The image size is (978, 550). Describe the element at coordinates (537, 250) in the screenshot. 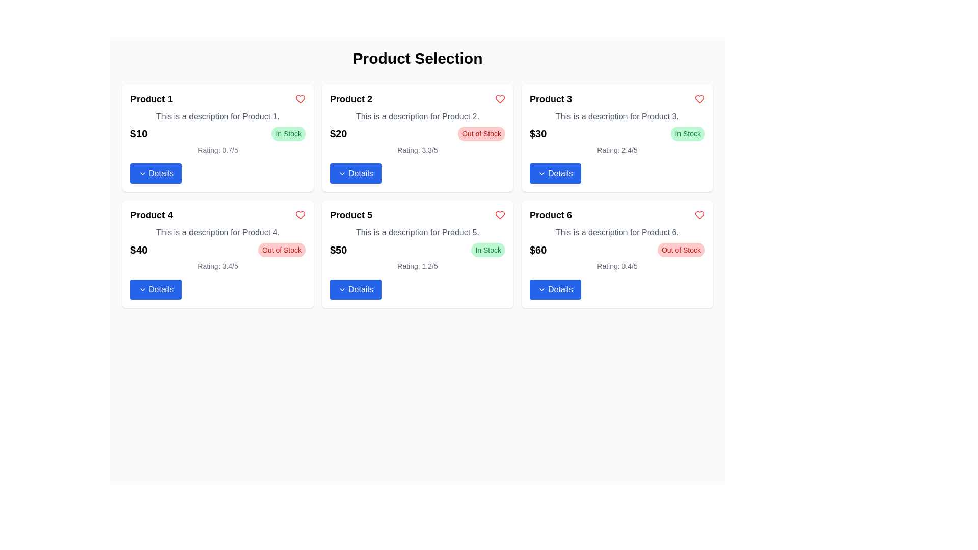

I see `the monetary value text label displaying '$60' in bold, located in the 'Product 6' card pricing section` at that location.